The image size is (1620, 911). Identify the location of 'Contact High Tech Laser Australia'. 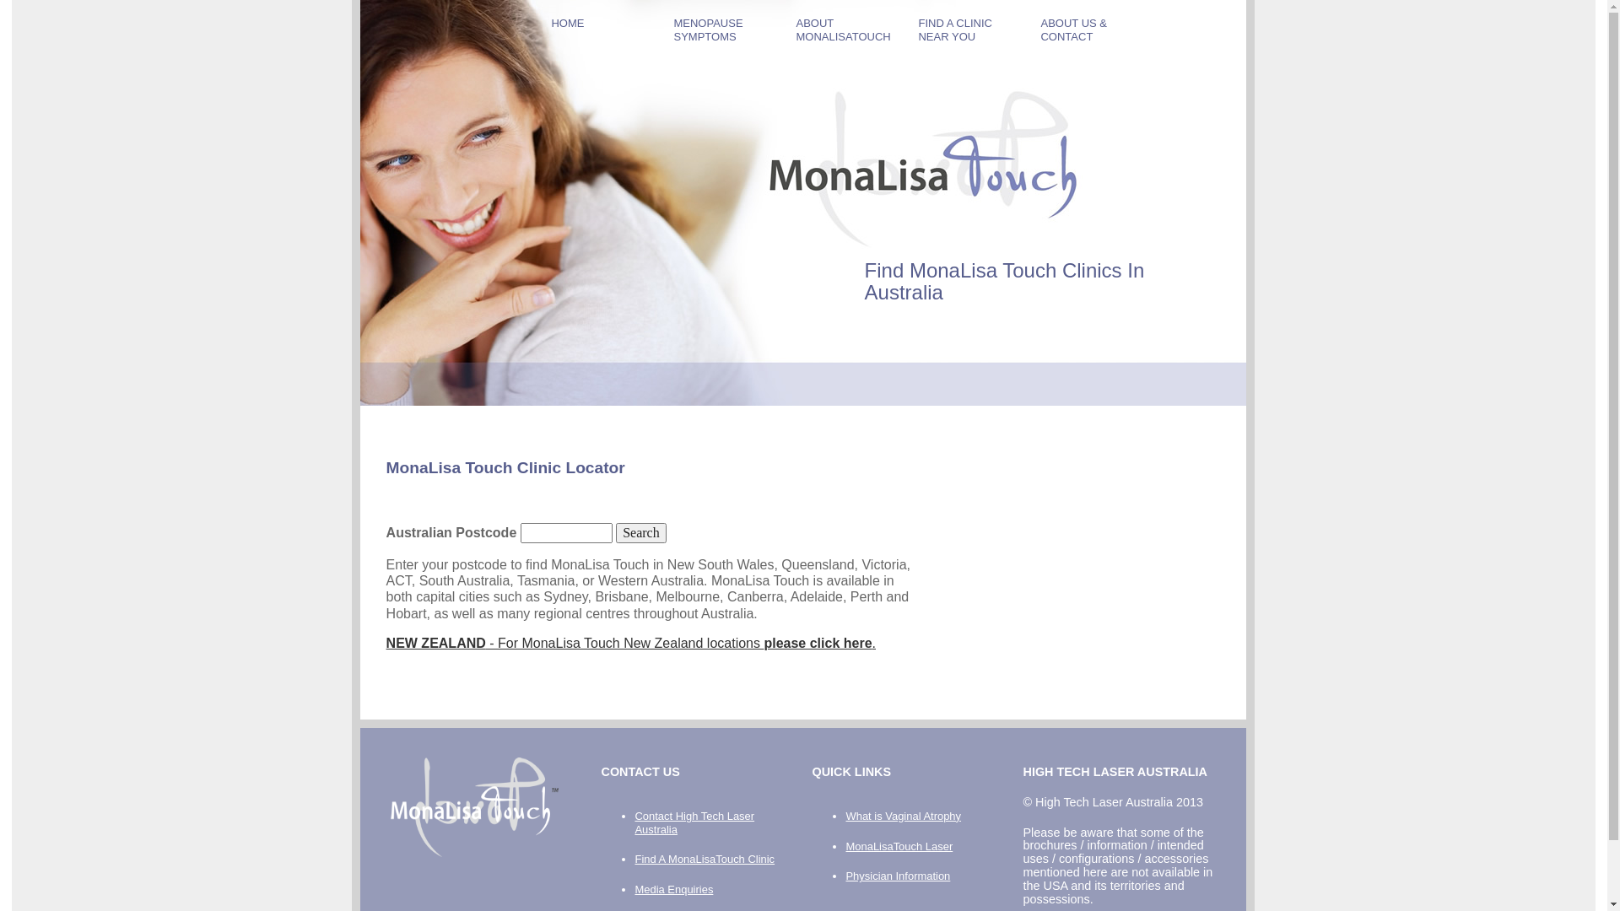
(694, 822).